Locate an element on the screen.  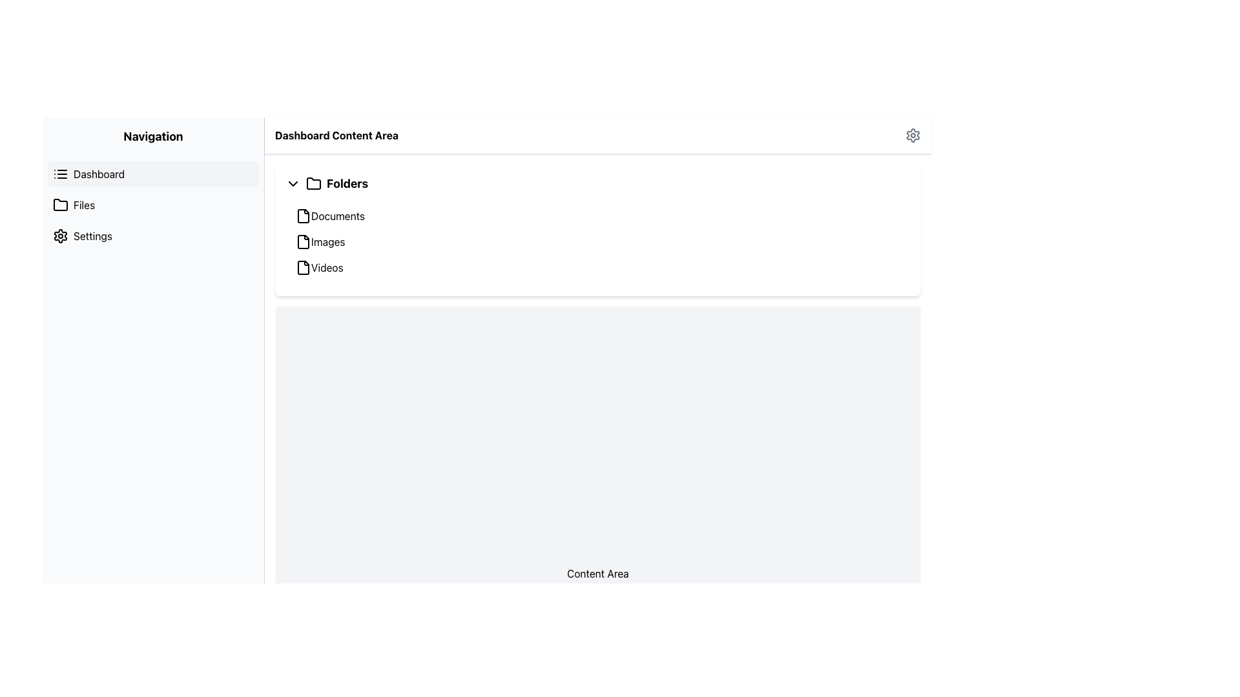
the document icon representing a file in the Dashboard Content Area is located at coordinates (303, 241).